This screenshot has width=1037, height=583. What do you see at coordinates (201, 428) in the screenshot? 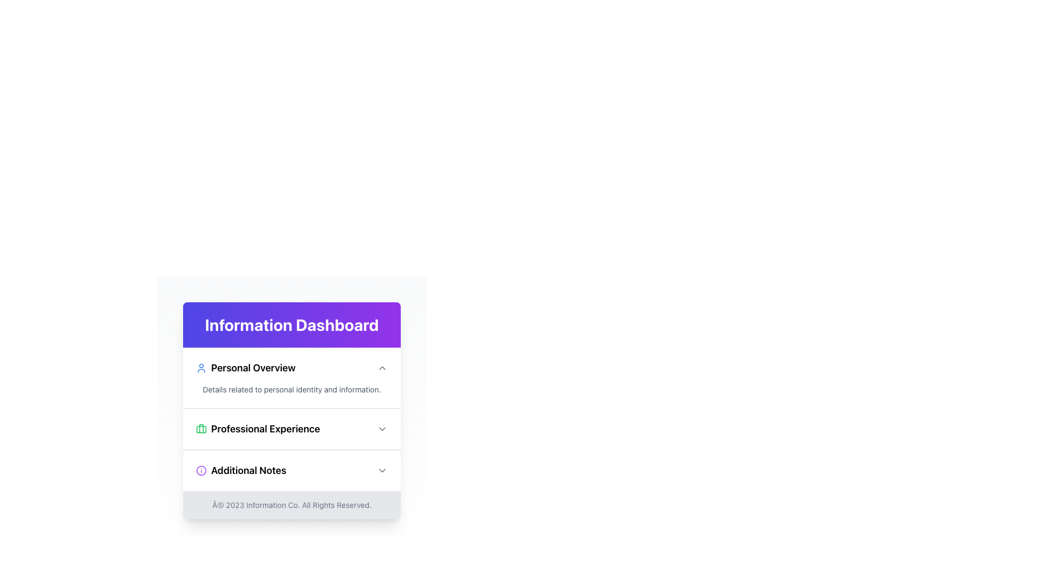
I see `the vertical line forming part of the suitcase icon in the 'Professional Experience' section of the interface` at bounding box center [201, 428].